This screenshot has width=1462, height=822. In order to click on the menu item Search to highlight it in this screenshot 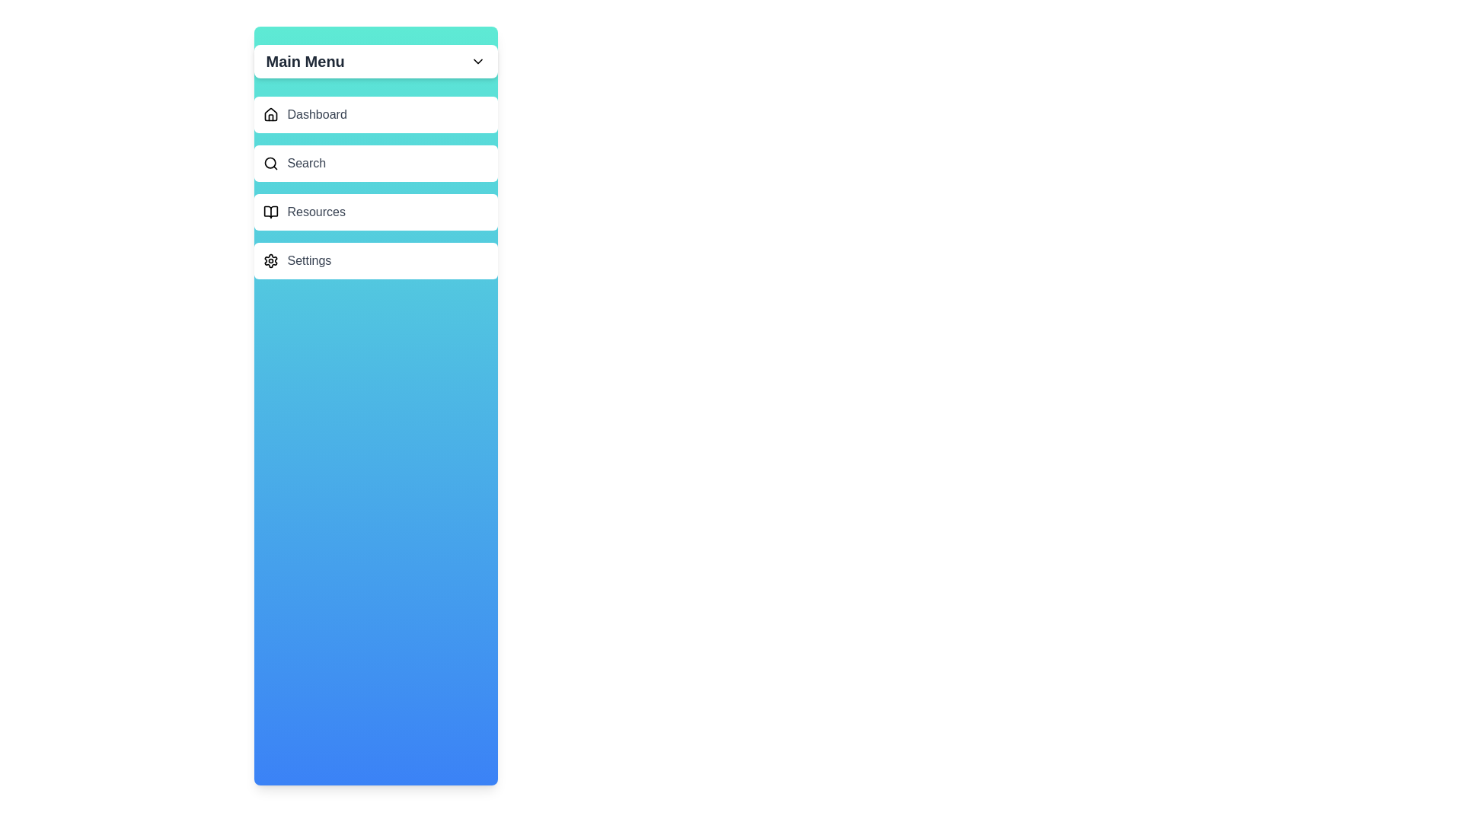, I will do `click(375, 164)`.